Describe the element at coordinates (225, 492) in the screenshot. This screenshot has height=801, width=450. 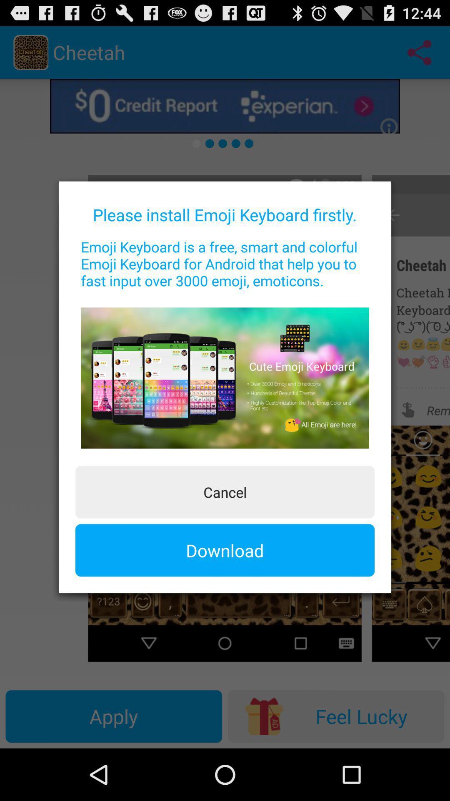
I see `the button above the download` at that location.